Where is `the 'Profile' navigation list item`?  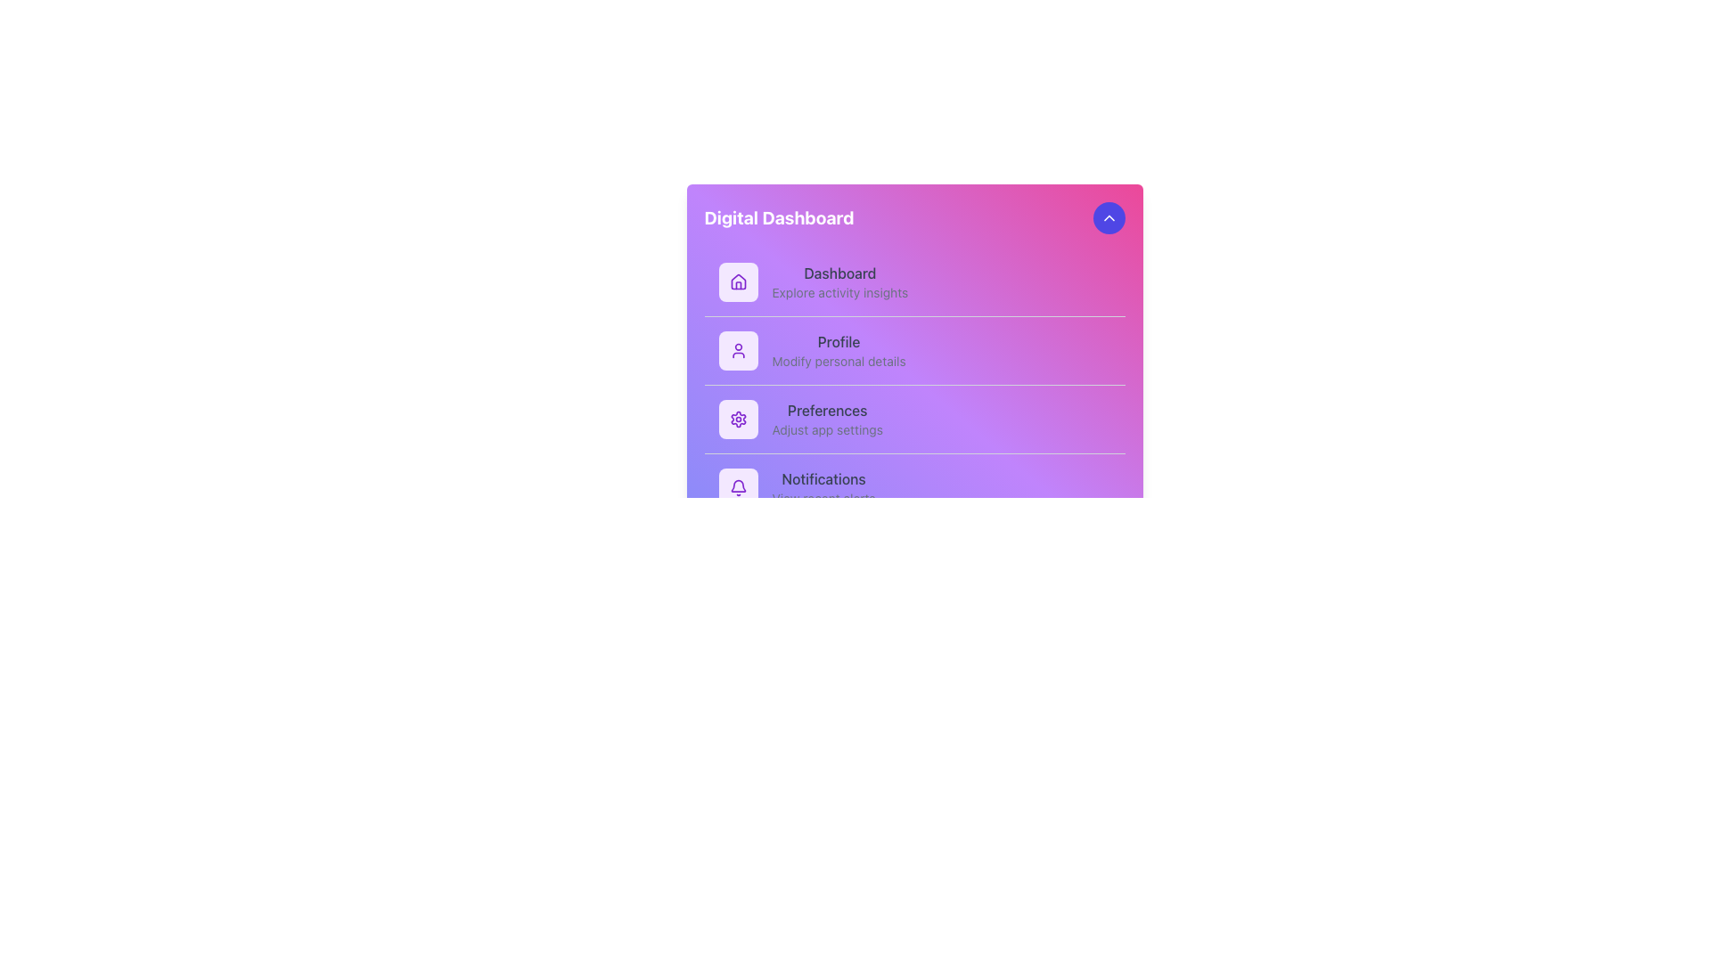 the 'Profile' navigation list item is located at coordinates (914, 350).